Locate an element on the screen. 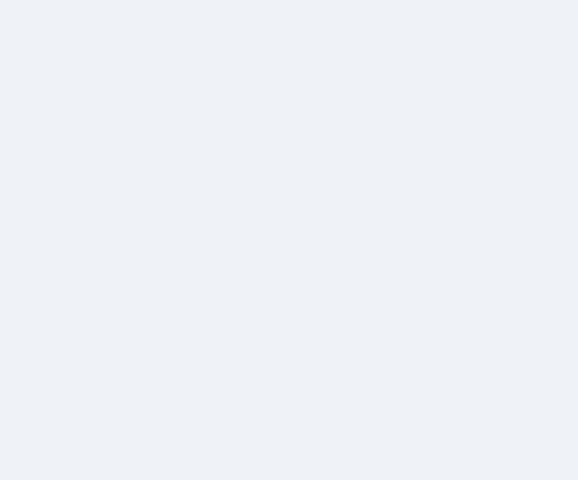 The height and width of the screenshot is (480, 578). 'Aarhus' is located at coordinates (161, 19).